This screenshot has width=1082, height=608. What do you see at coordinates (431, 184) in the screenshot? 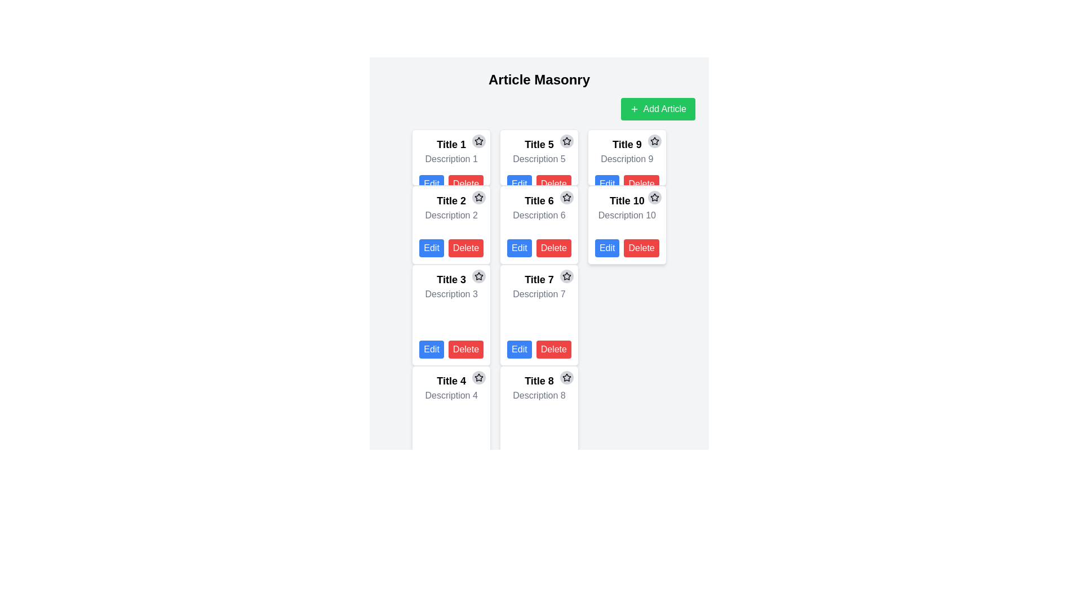
I see `the blue 'Edit' button with white text` at bounding box center [431, 184].